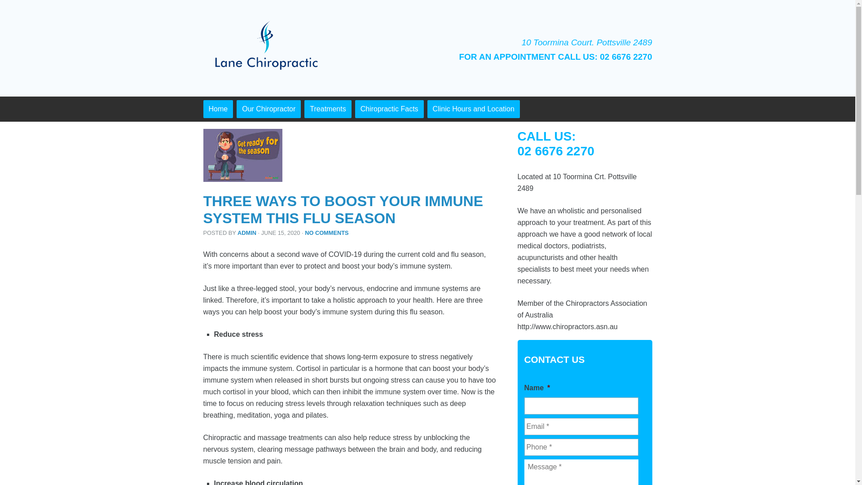  What do you see at coordinates (218, 109) in the screenshot?
I see `'Home'` at bounding box center [218, 109].